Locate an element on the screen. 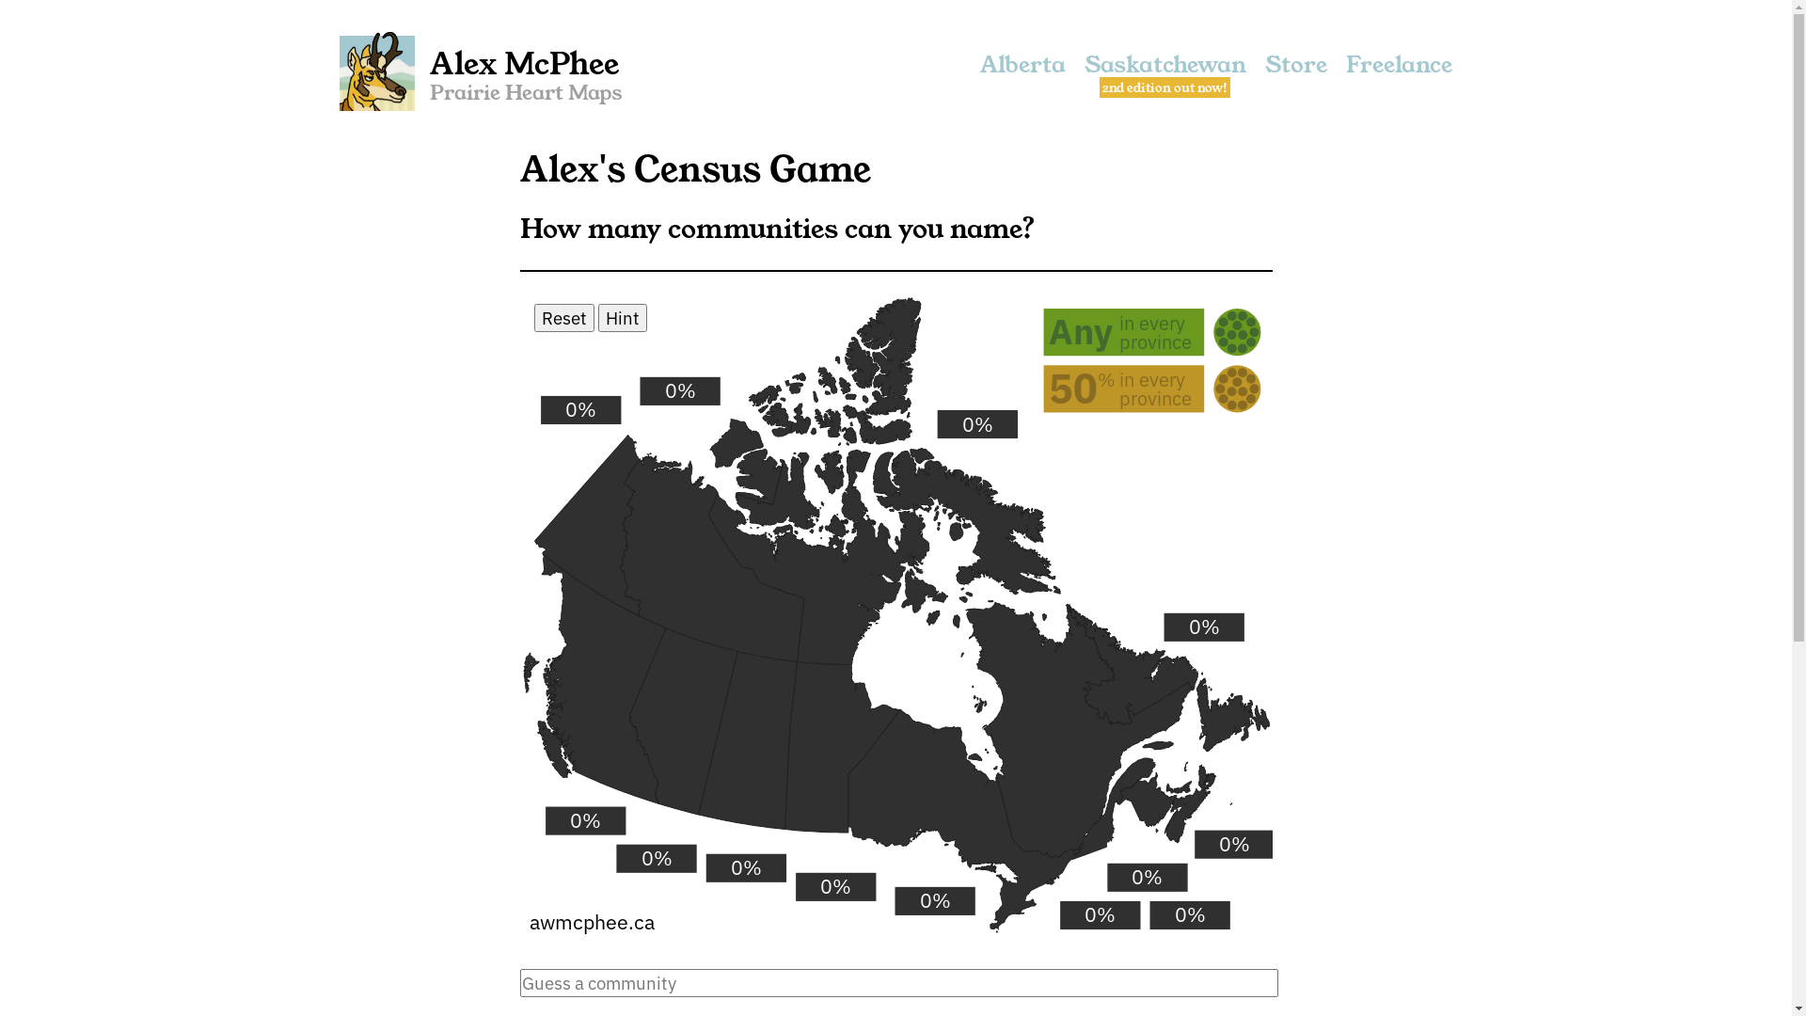  'Saskatchewan is located at coordinates (1164, 71).